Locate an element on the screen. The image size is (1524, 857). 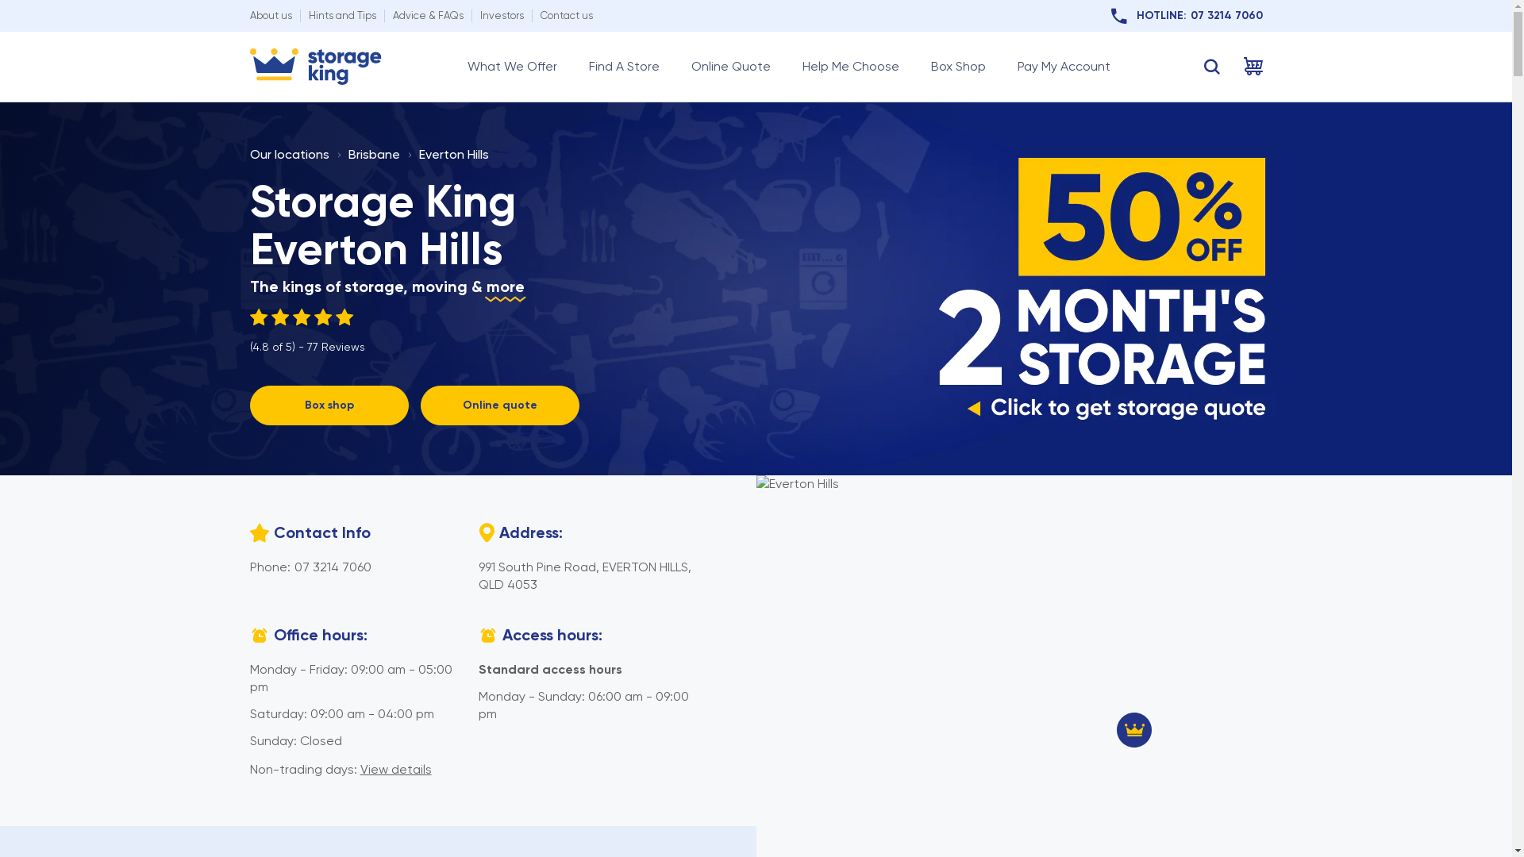
'About us' is located at coordinates (270, 15).